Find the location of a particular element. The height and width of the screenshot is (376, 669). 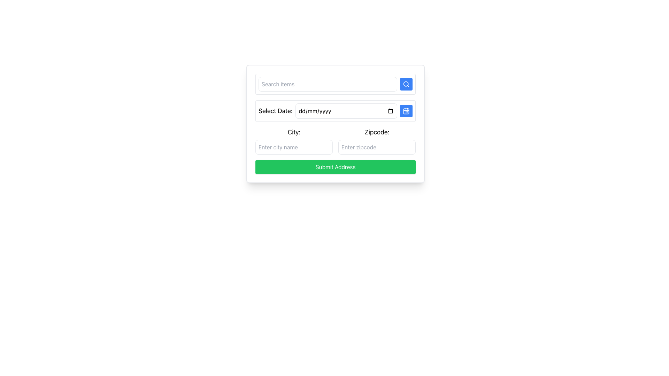

the SVG rectangle with rounded corners that is part of the calendar icon located to the right of the 'Select Date' input field is located at coordinates (406, 111).